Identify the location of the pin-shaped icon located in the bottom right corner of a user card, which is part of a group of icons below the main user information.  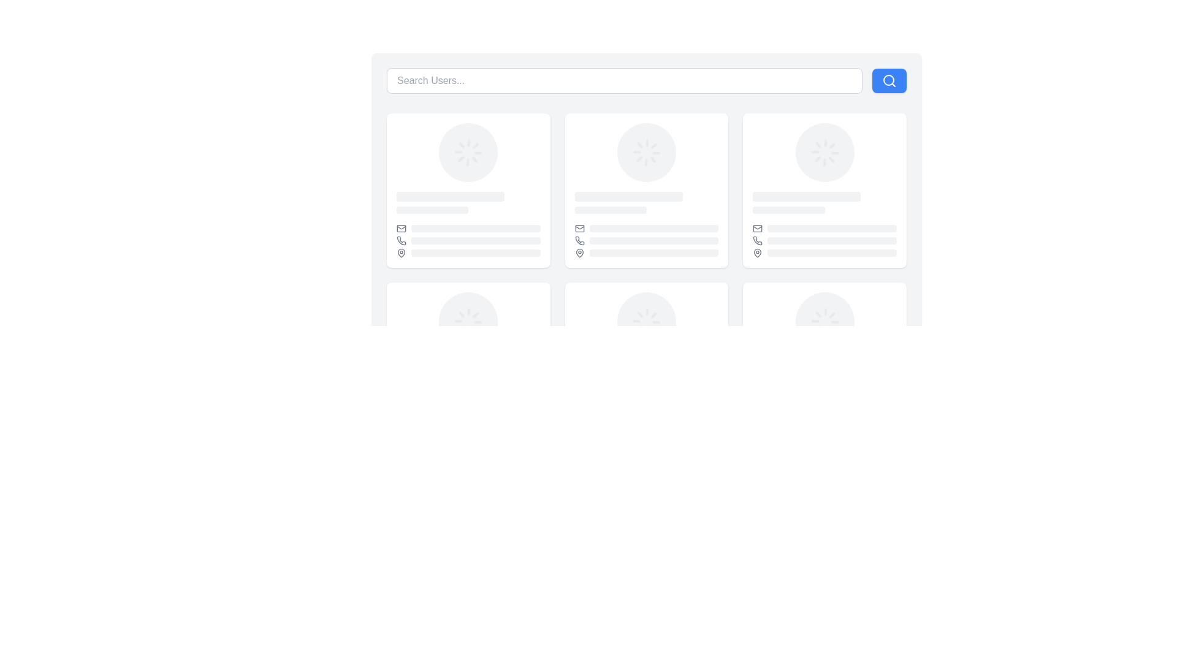
(757, 252).